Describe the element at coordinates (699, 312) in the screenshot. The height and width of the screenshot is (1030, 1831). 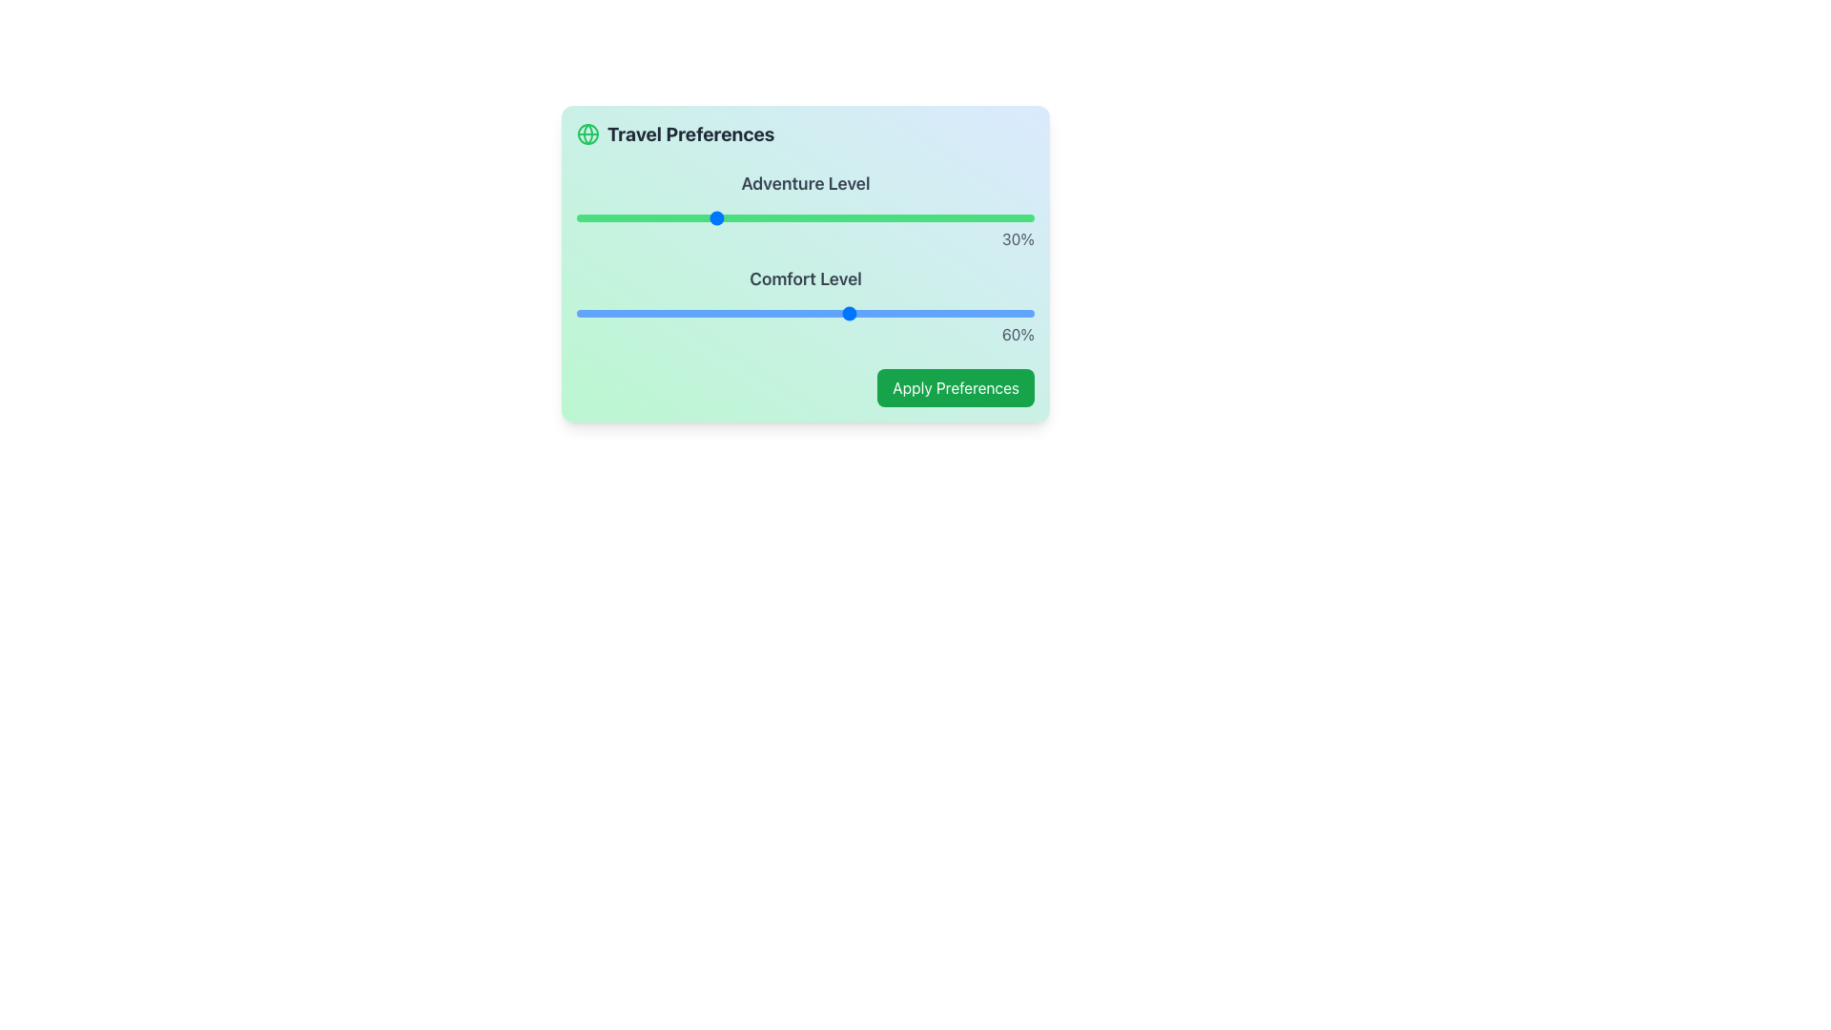
I see `the comfort level` at that location.